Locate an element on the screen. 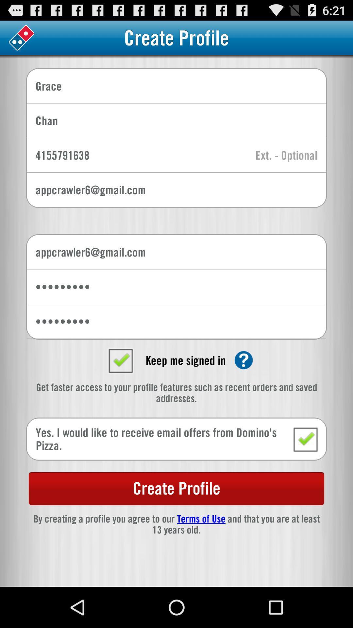  extension is located at coordinates (286, 155).